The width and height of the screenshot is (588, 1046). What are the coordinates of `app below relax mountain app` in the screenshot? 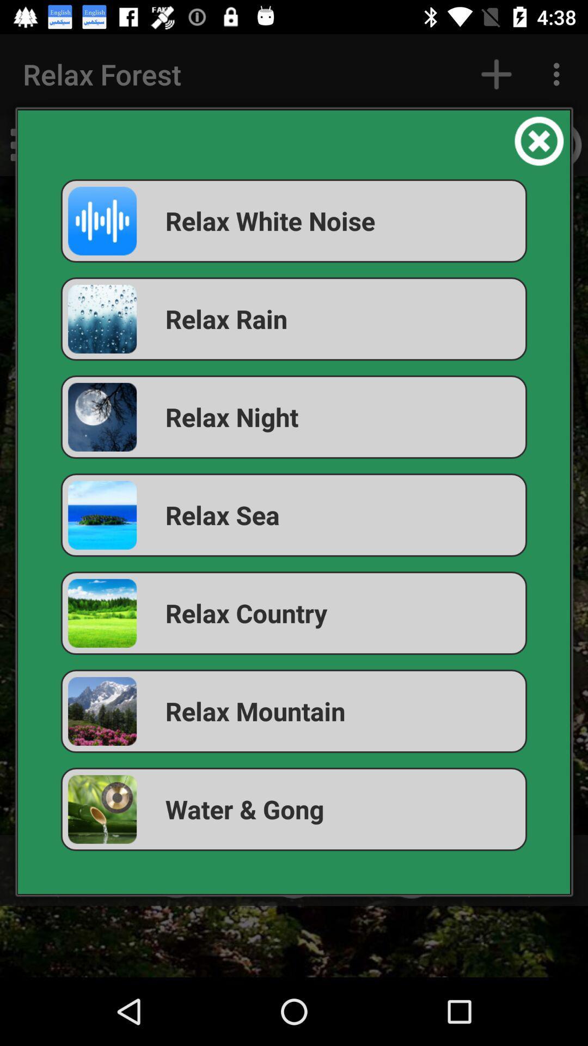 It's located at (294, 809).